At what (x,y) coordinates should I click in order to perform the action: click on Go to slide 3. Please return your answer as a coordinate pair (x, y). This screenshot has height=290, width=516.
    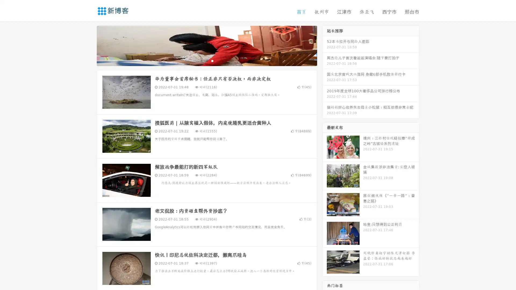
    Looking at the image, I should click on (212, 60).